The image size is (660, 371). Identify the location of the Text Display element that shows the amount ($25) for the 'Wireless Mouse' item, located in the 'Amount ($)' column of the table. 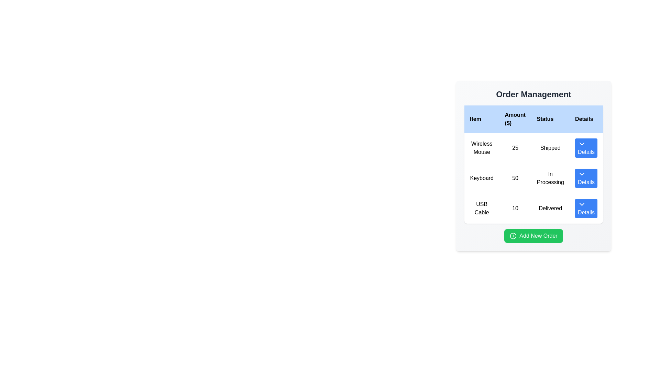
(515, 148).